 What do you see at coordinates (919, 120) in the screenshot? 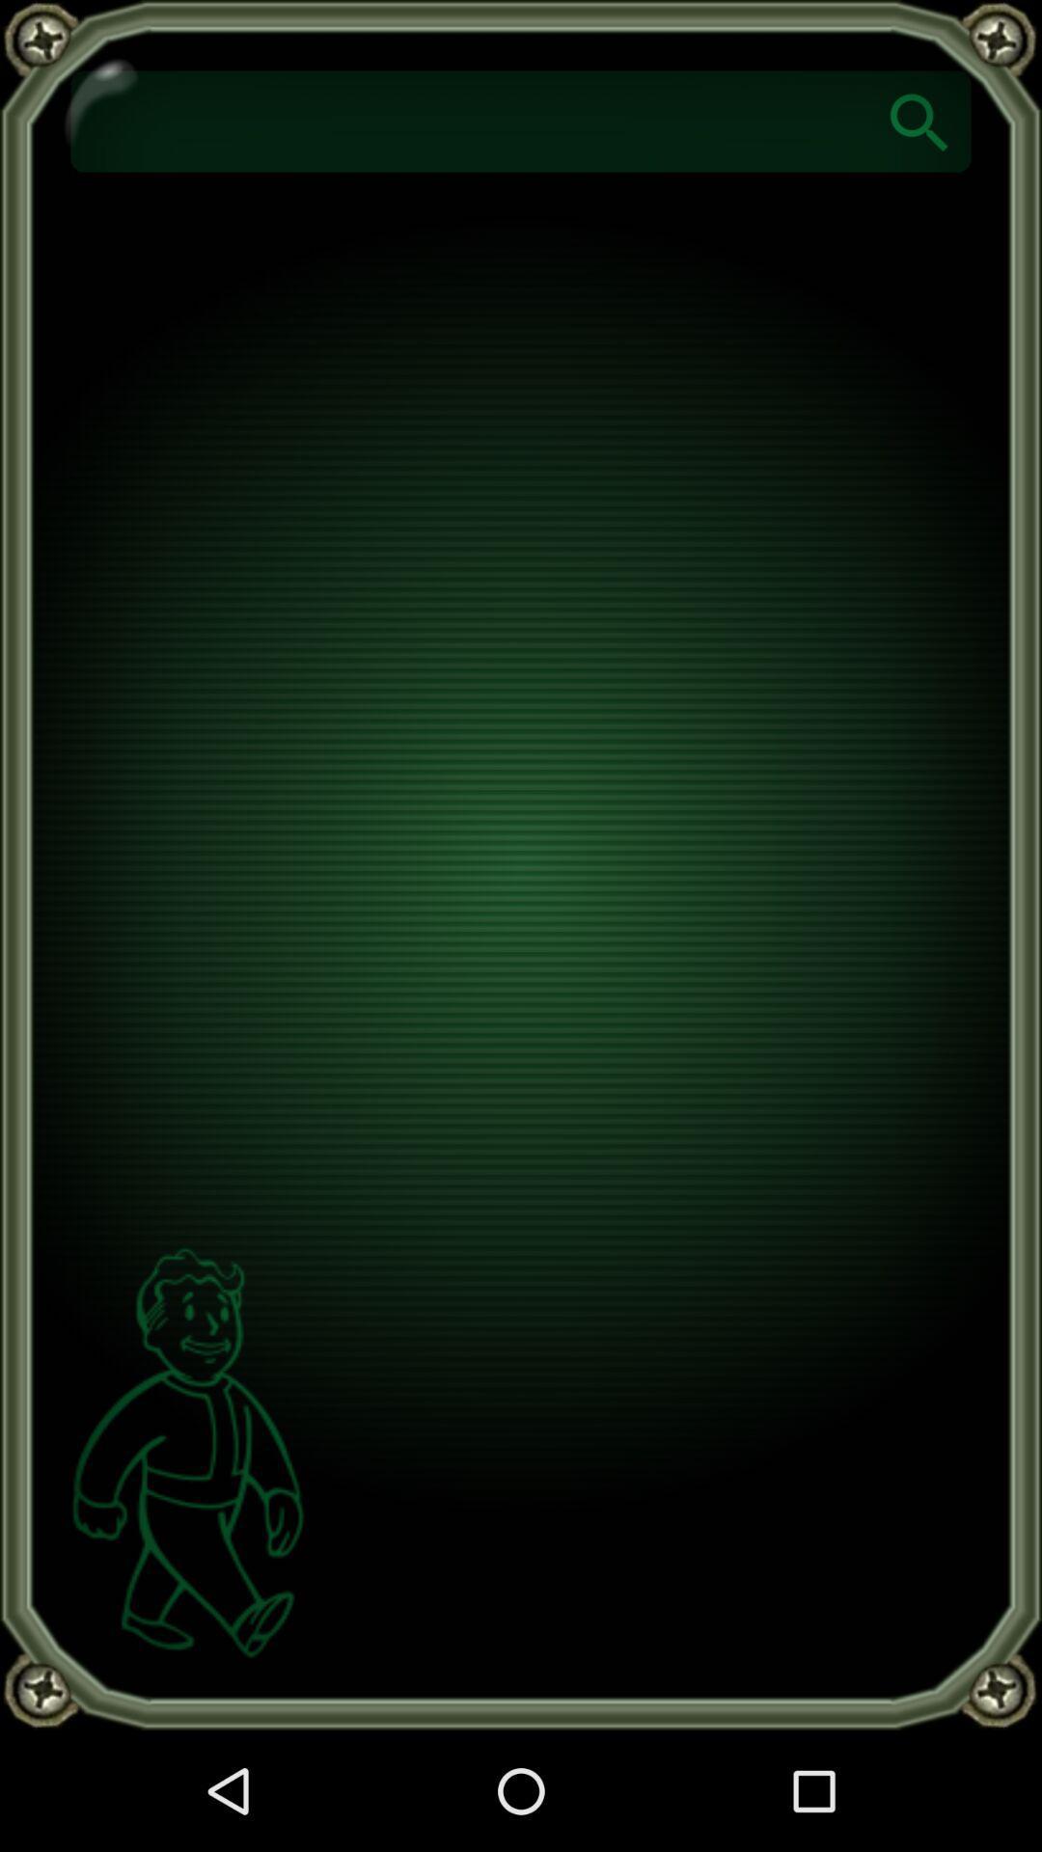
I see `the search icon` at bounding box center [919, 120].